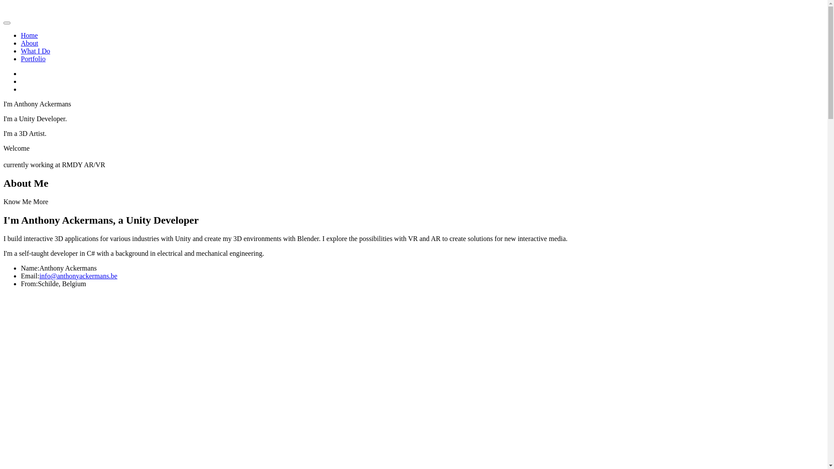 The width and height of the screenshot is (834, 469). I want to click on 'About', so click(29, 43).